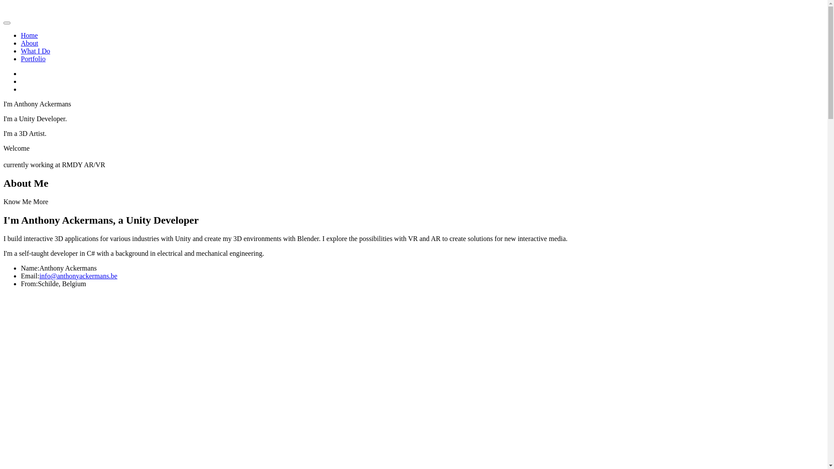 The width and height of the screenshot is (834, 469). I want to click on 'About', so click(29, 43).